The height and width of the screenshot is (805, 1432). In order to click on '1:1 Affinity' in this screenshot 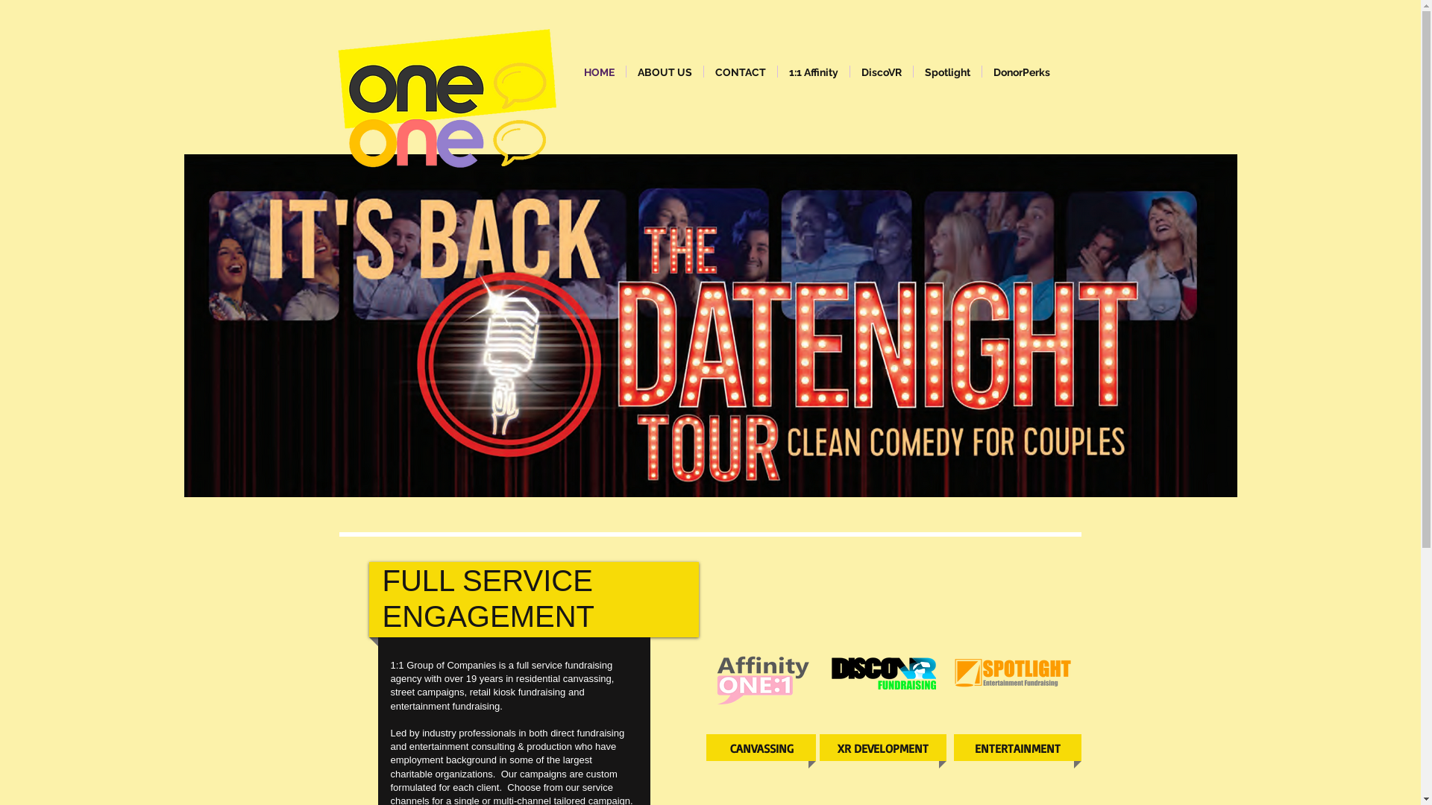, I will do `click(811, 72)`.